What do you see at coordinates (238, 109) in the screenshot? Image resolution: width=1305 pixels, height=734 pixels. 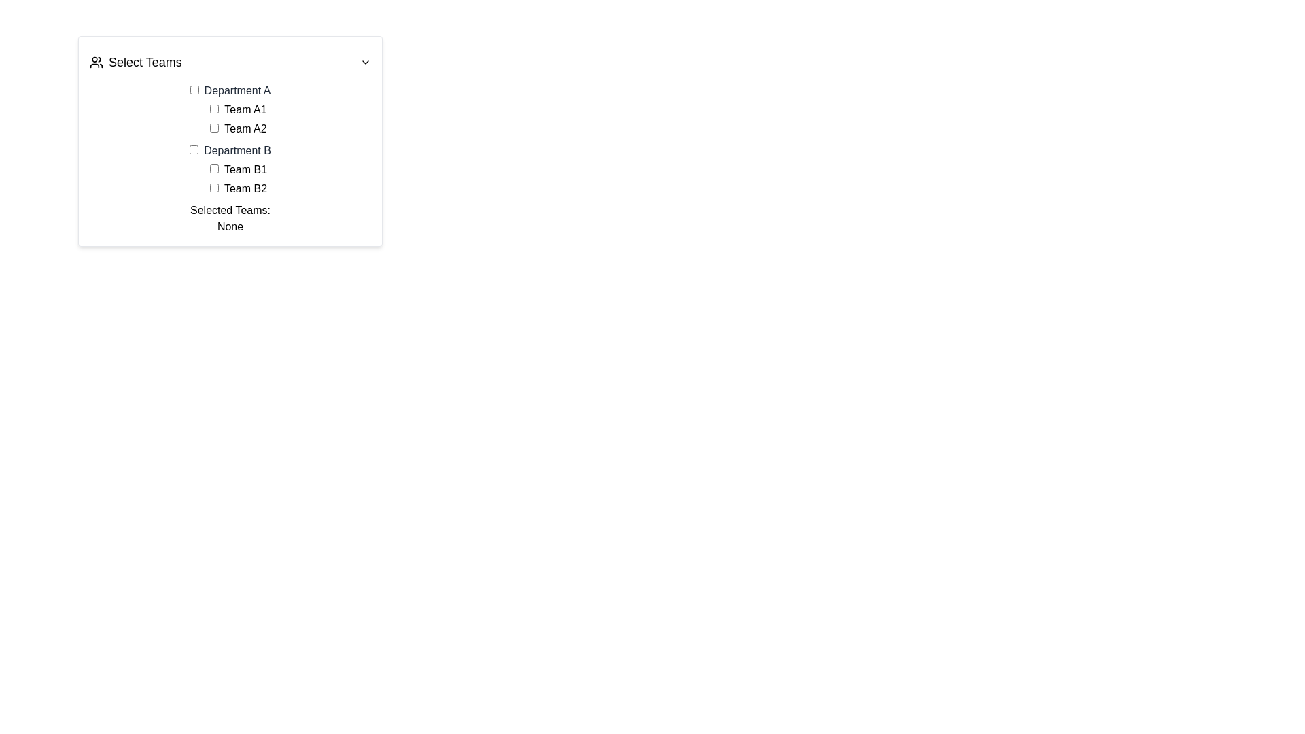 I see `the text label for the first team under 'Department A' in the selection list` at bounding box center [238, 109].